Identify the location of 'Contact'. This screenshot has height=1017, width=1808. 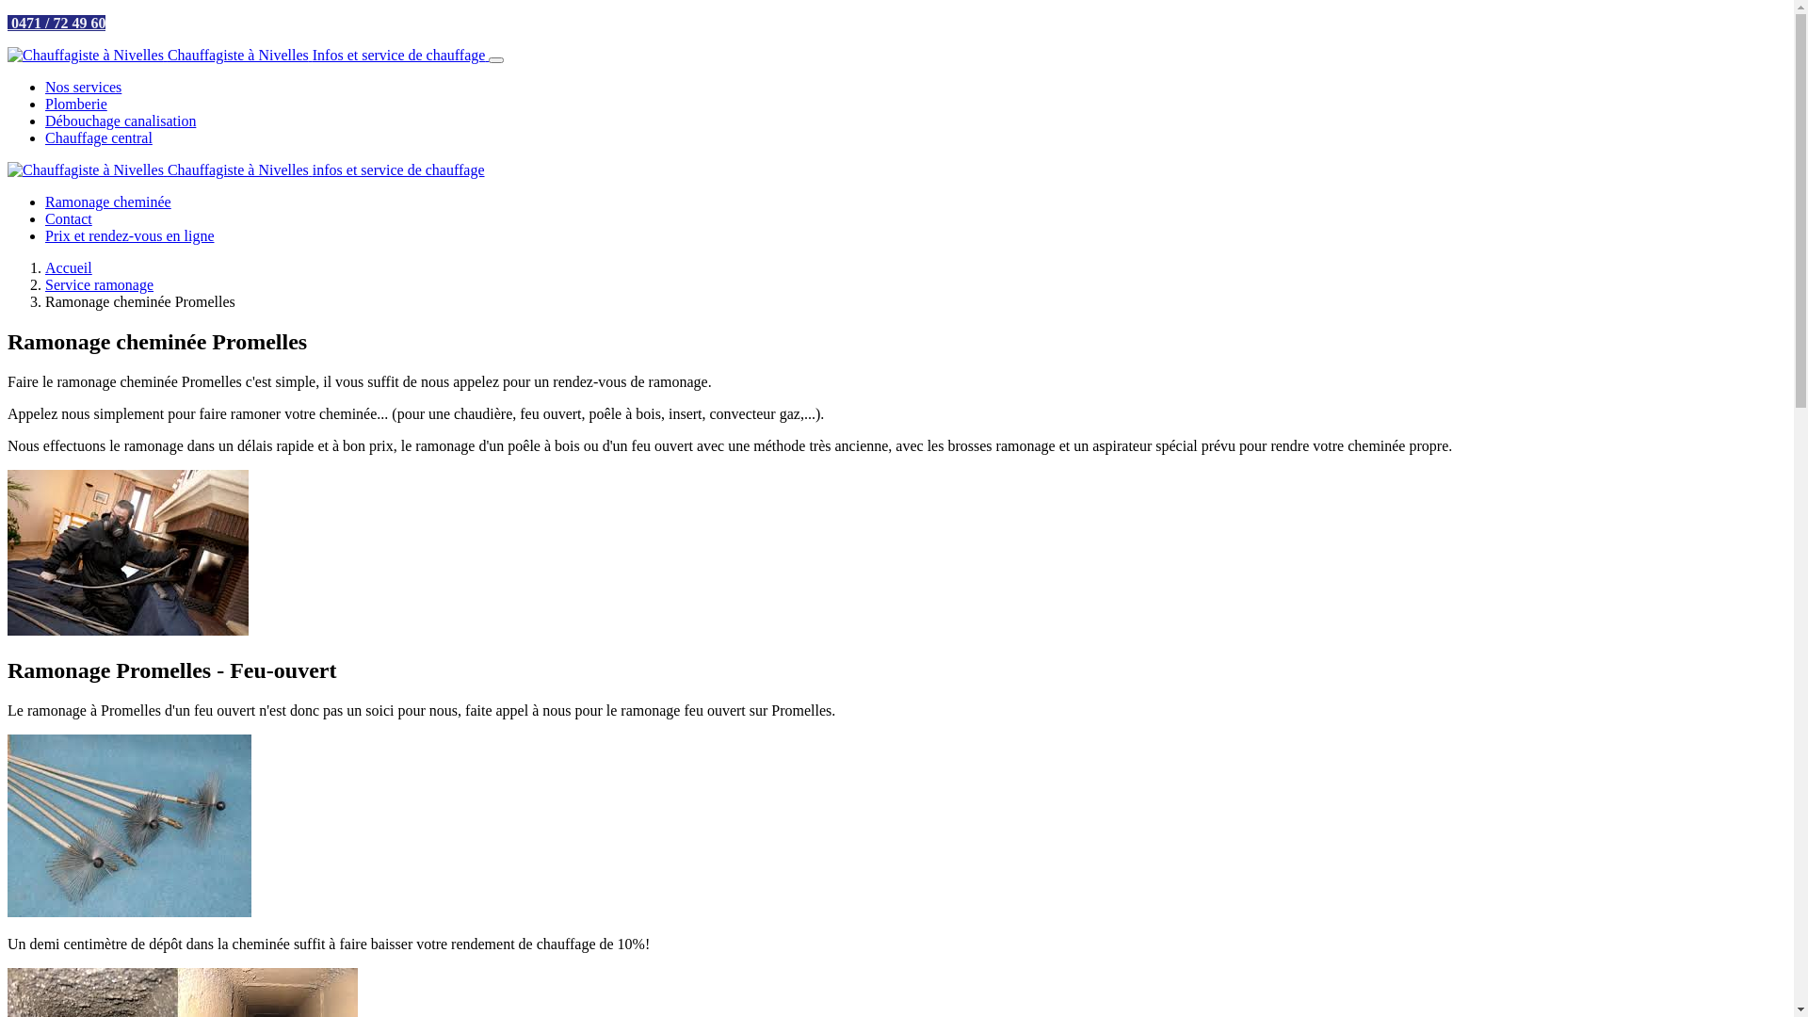
(68, 218).